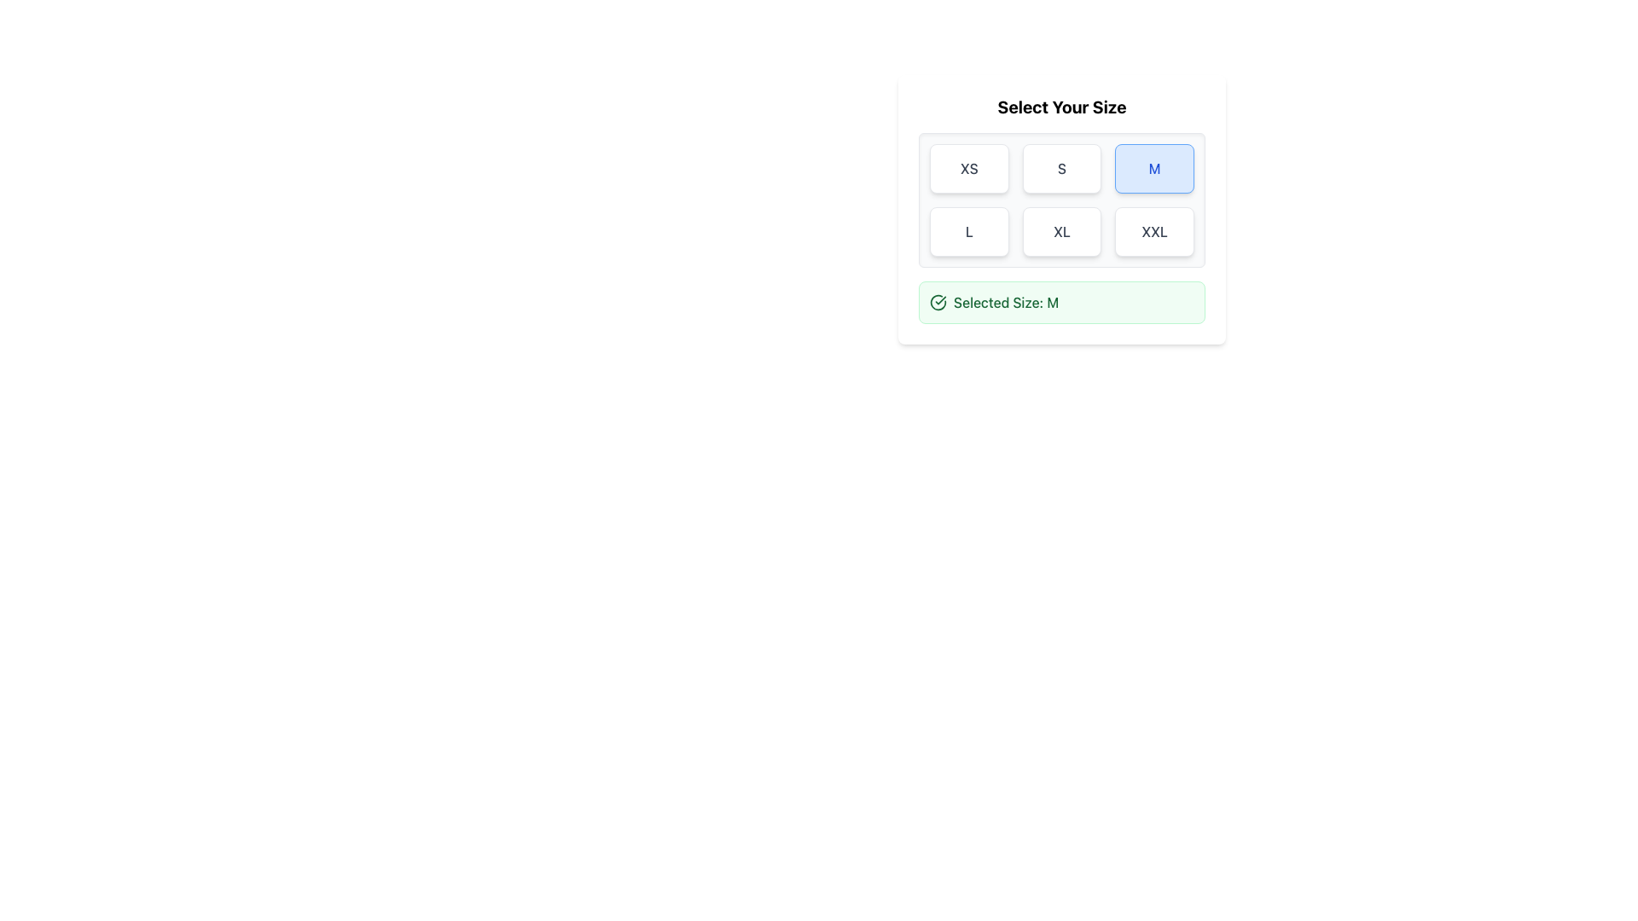 The image size is (1638, 921). What do you see at coordinates (1060, 232) in the screenshot?
I see `the size option button for 'XL' located in the second row, second column of the grid layout` at bounding box center [1060, 232].